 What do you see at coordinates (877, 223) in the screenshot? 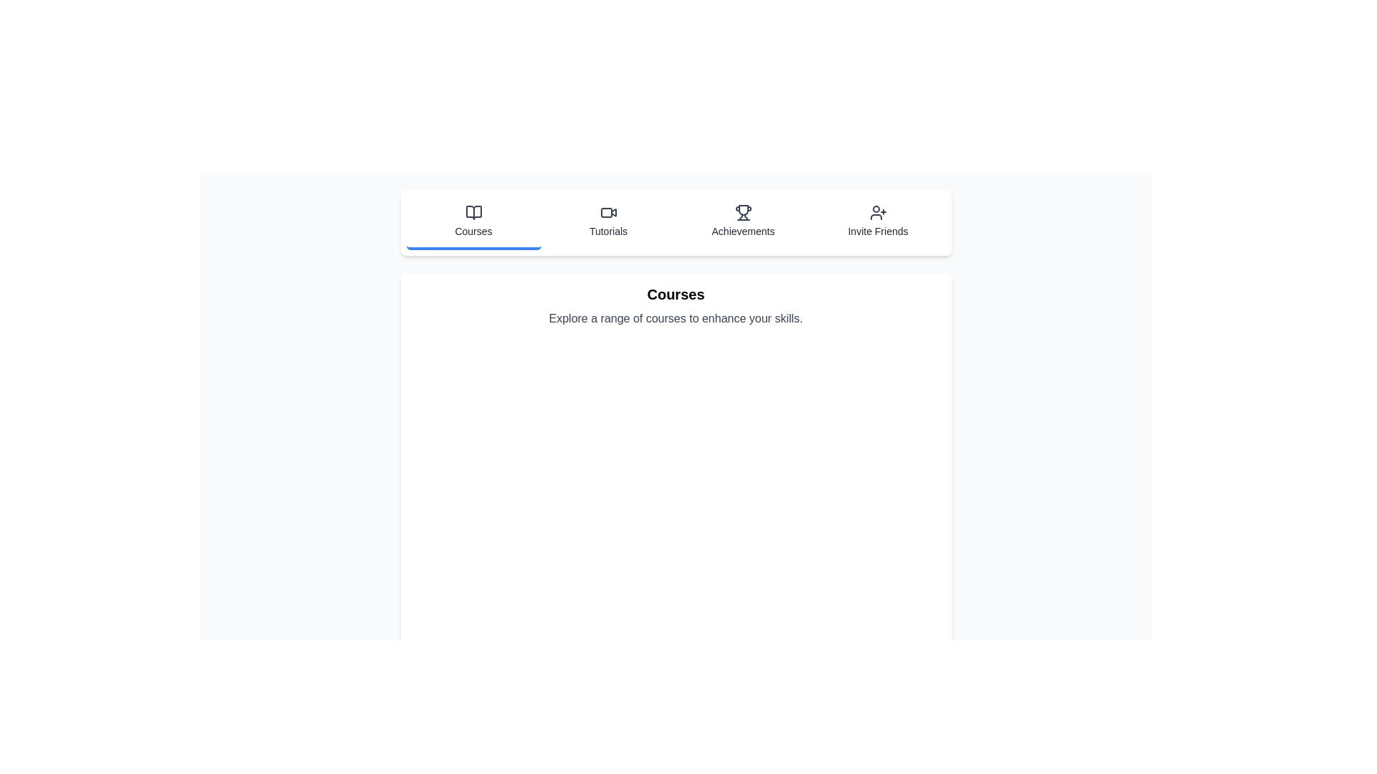
I see `the 'Invite Friends' button` at bounding box center [877, 223].